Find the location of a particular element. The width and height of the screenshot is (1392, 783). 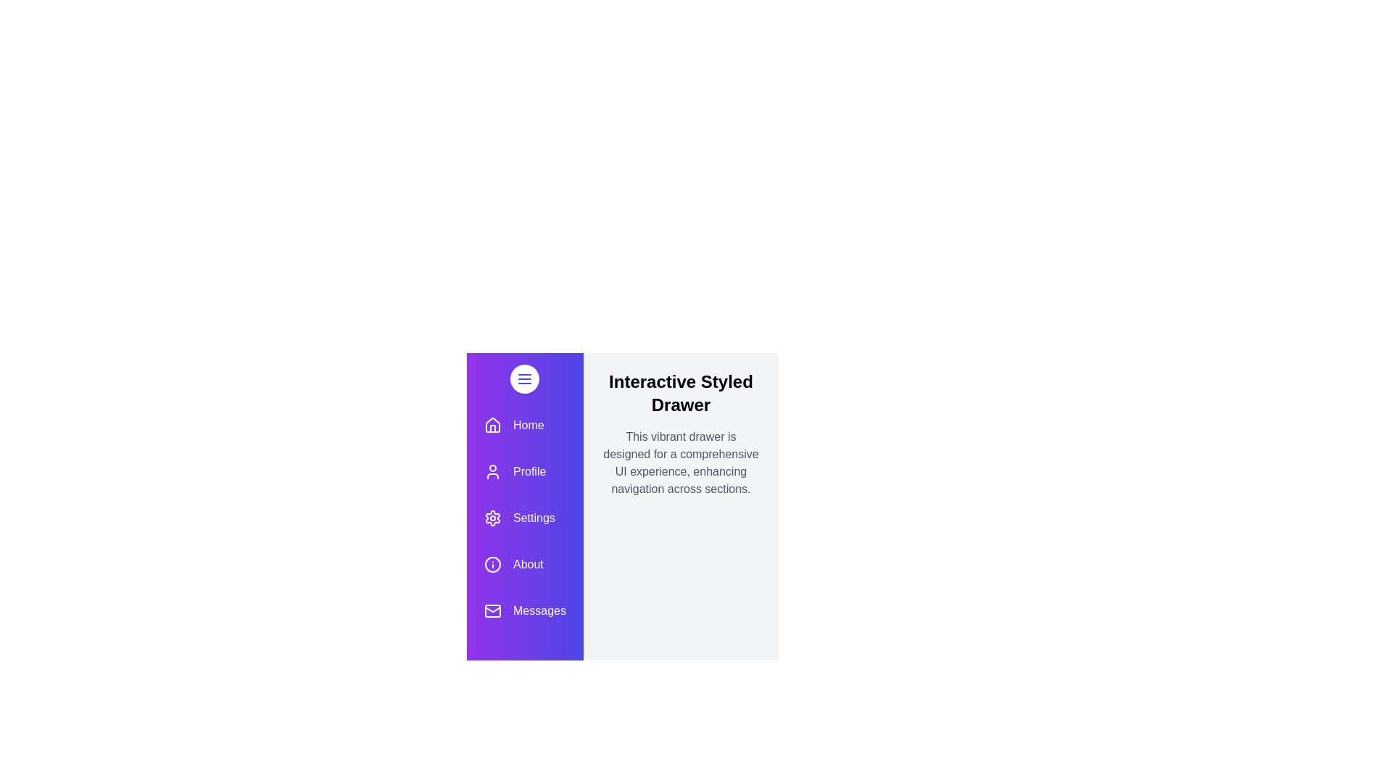

the menu item labeled About is located at coordinates (524, 564).